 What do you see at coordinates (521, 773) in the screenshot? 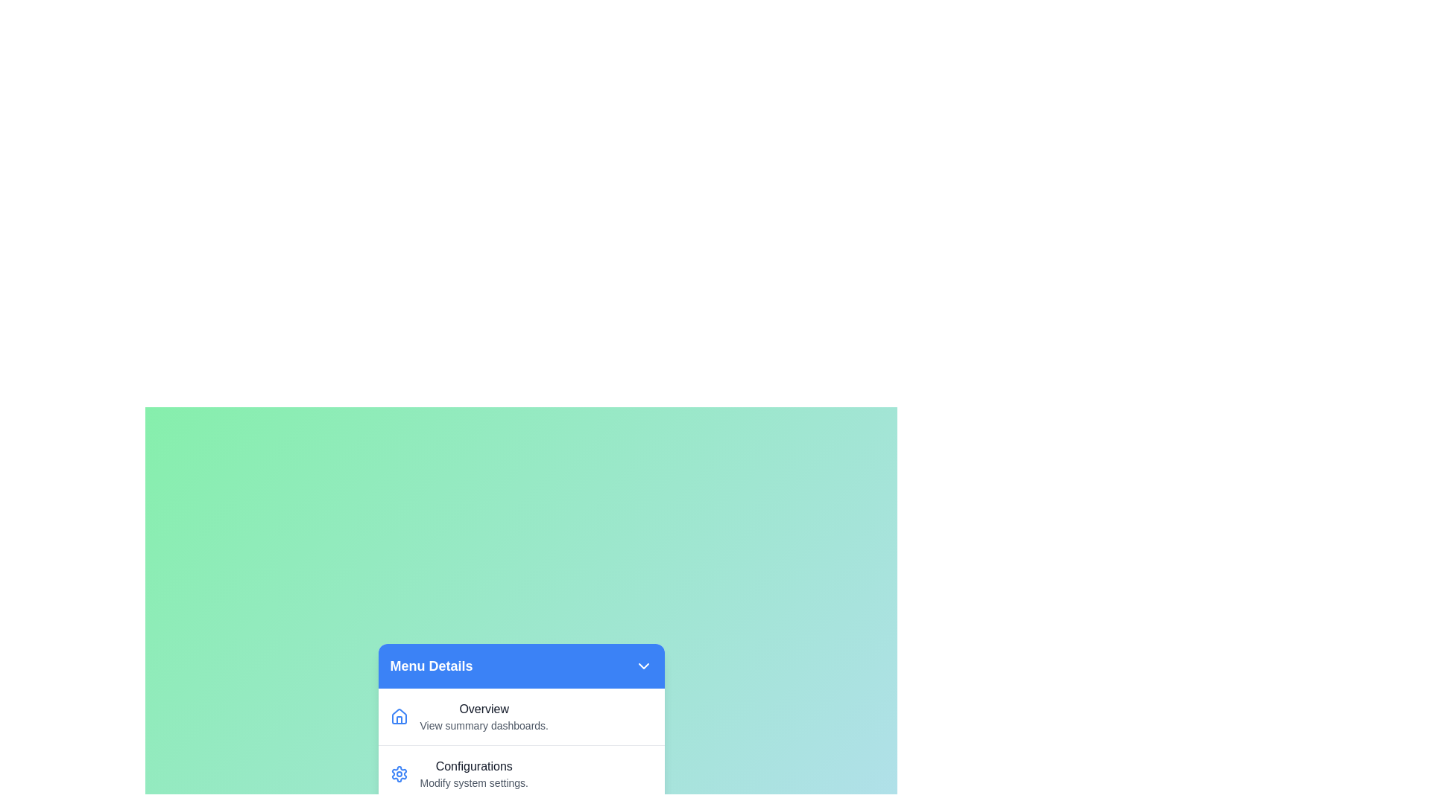
I see `the menu item labeled Configurations to read its description` at bounding box center [521, 773].